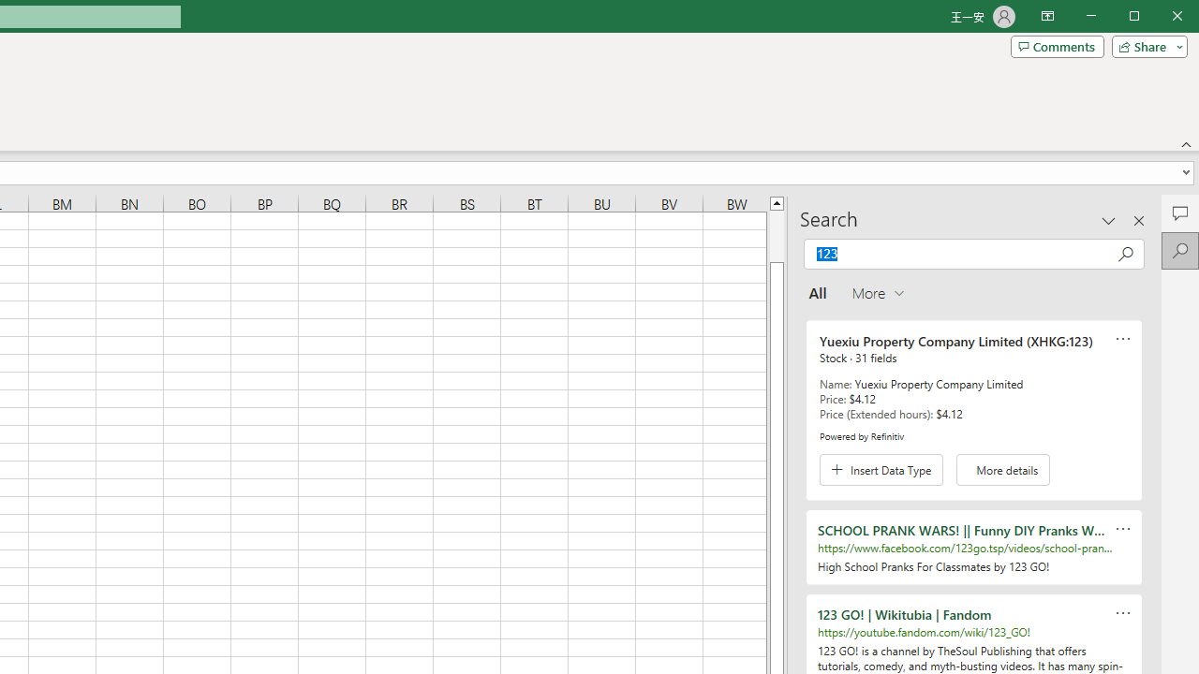  Describe the element at coordinates (1139, 18) in the screenshot. I see `'Minimize'` at that location.